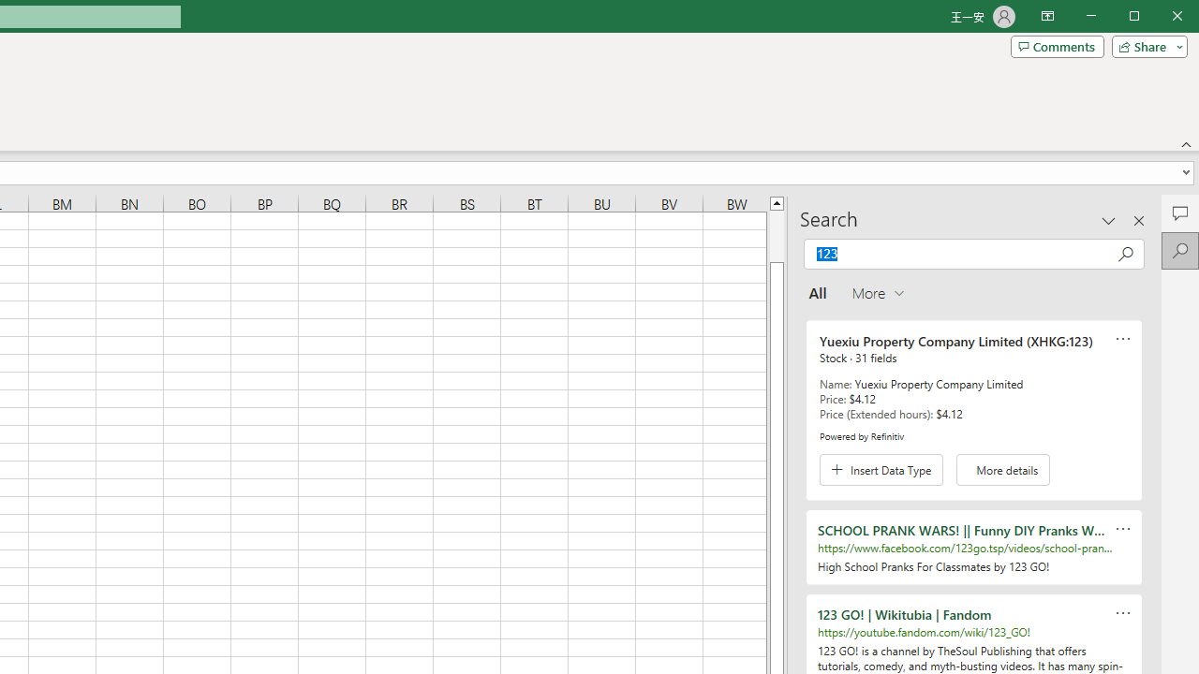  Describe the element at coordinates (1139, 18) in the screenshot. I see `'Minimize'` at that location.